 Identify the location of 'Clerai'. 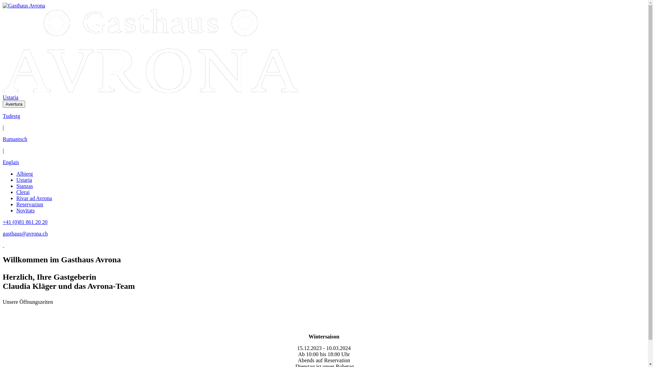
(23, 192).